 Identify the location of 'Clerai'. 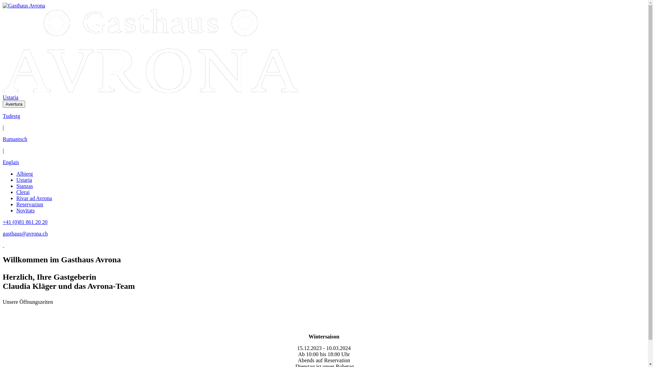
(23, 192).